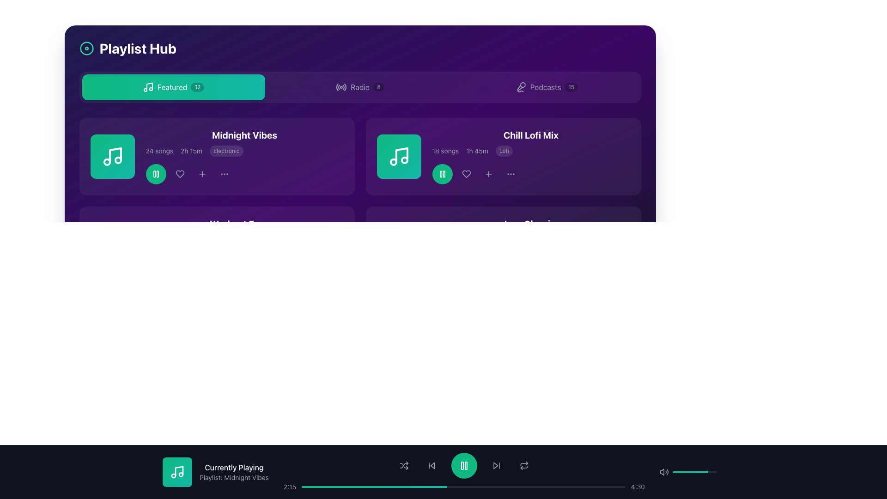 The height and width of the screenshot is (499, 887). Describe the element at coordinates (244, 263) in the screenshot. I see `the timeline on the Media control bar` at that location.